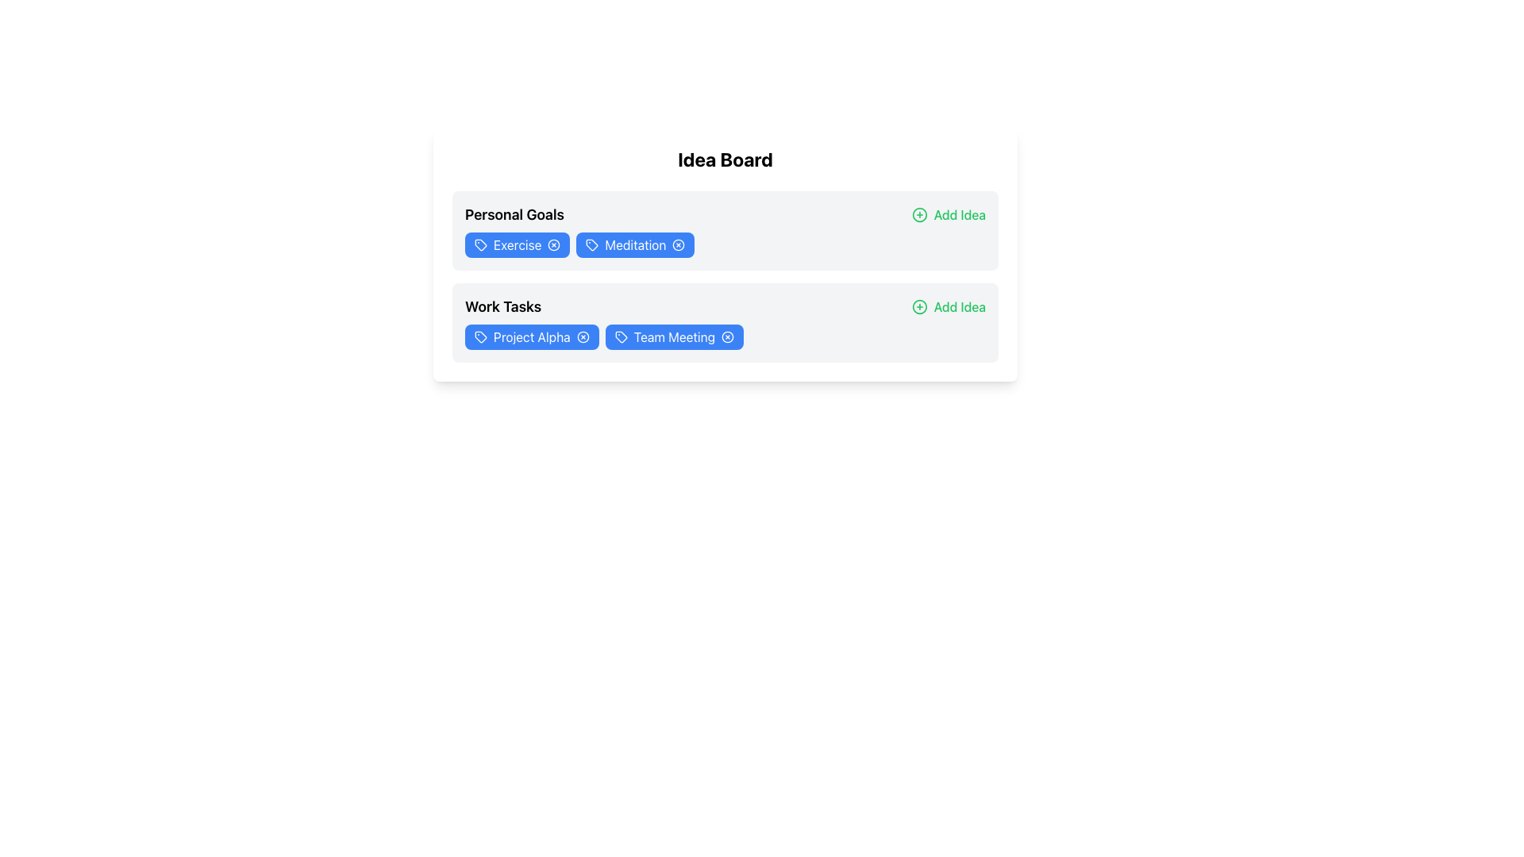 The image size is (1524, 857). Describe the element at coordinates (514, 214) in the screenshot. I see `the 'Personal Goals' text label, which is a bold and larger-sized heading located at the top of the segment for 'Personal Goals'` at that location.